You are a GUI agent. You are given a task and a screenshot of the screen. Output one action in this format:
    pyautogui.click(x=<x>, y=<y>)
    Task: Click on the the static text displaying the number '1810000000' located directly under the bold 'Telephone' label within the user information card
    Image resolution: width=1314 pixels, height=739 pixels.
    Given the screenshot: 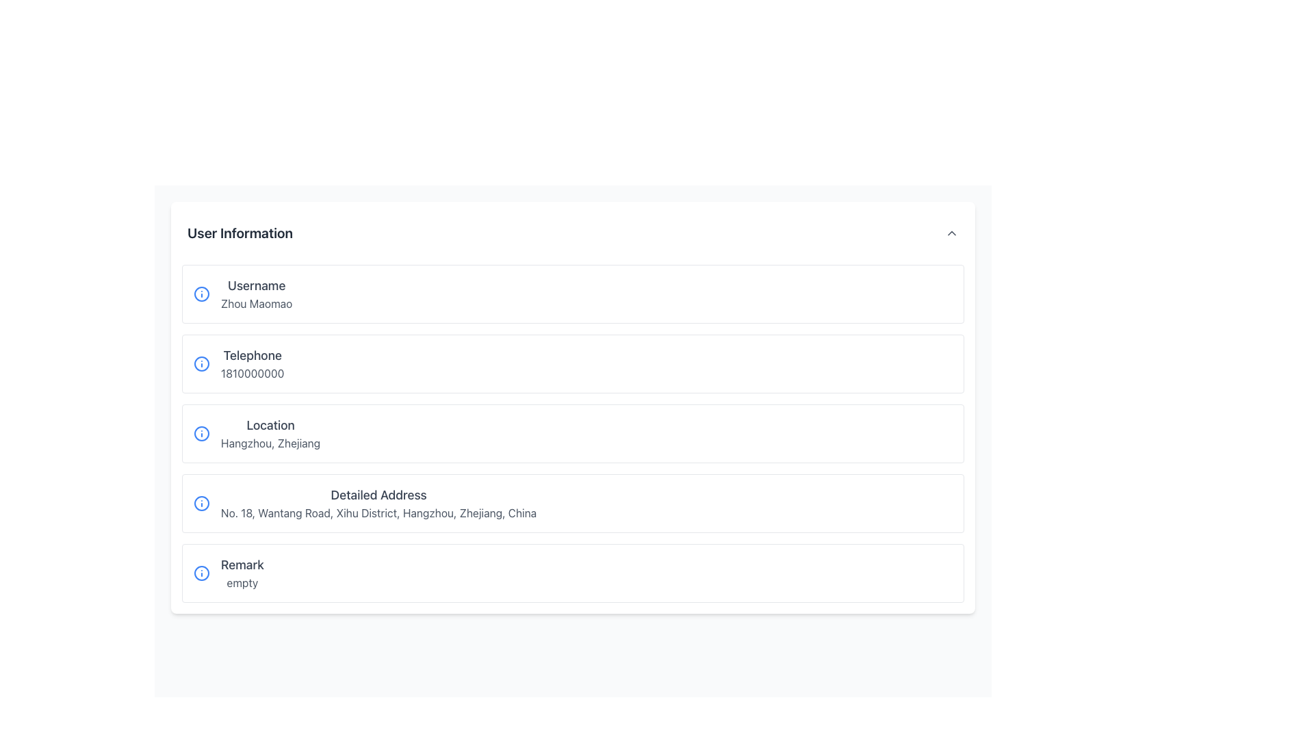 What is the action you would take?
    pyautogui.click(x=253, y=374)
    